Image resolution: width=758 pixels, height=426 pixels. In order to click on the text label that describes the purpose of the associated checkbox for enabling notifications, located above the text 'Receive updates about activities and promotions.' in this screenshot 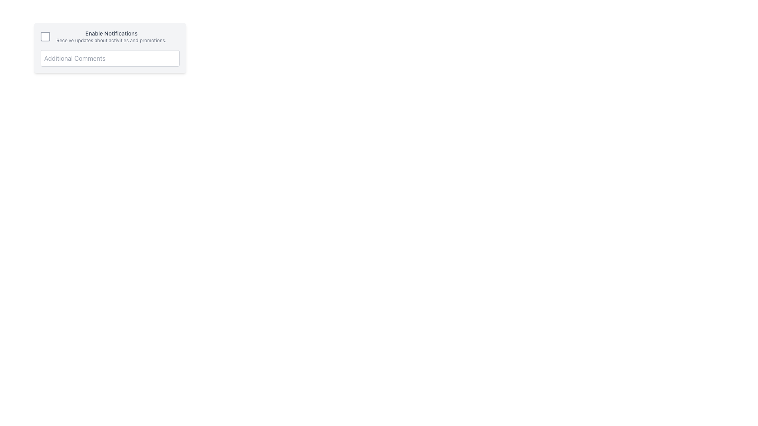, I will do `click(111, 33)`.